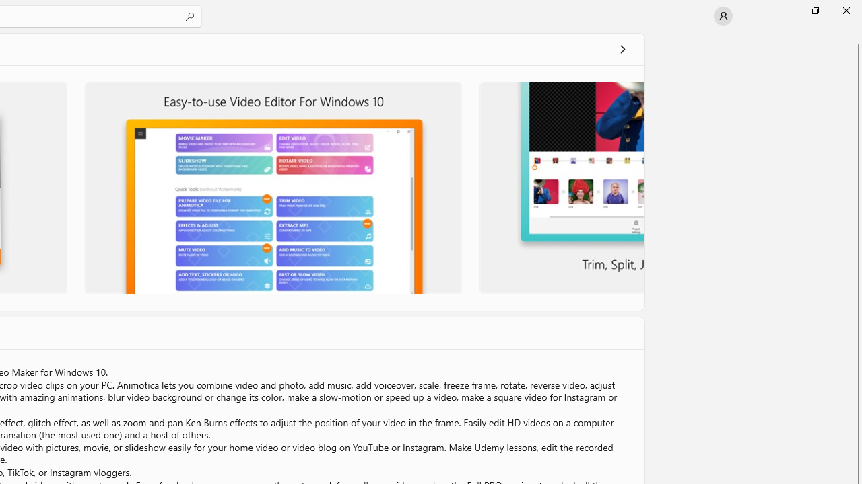 The height and width of the screenshot is (484, 862). What do you see at coordinates (814, 10) in the screenshot?
I see `'Restore Microsoft Store'` at bounding box center [814, 10].